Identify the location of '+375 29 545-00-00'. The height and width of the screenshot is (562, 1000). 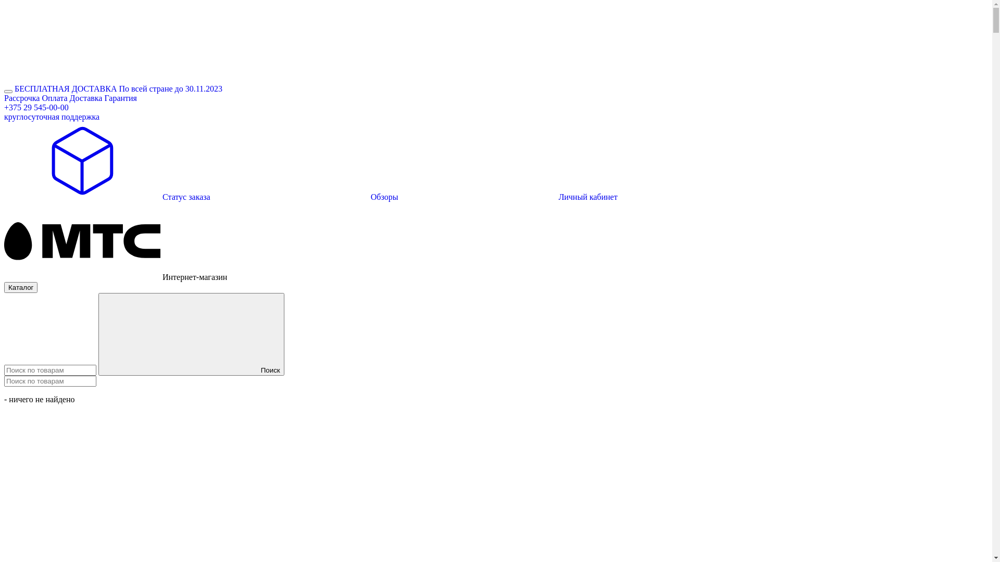
(4, 107).